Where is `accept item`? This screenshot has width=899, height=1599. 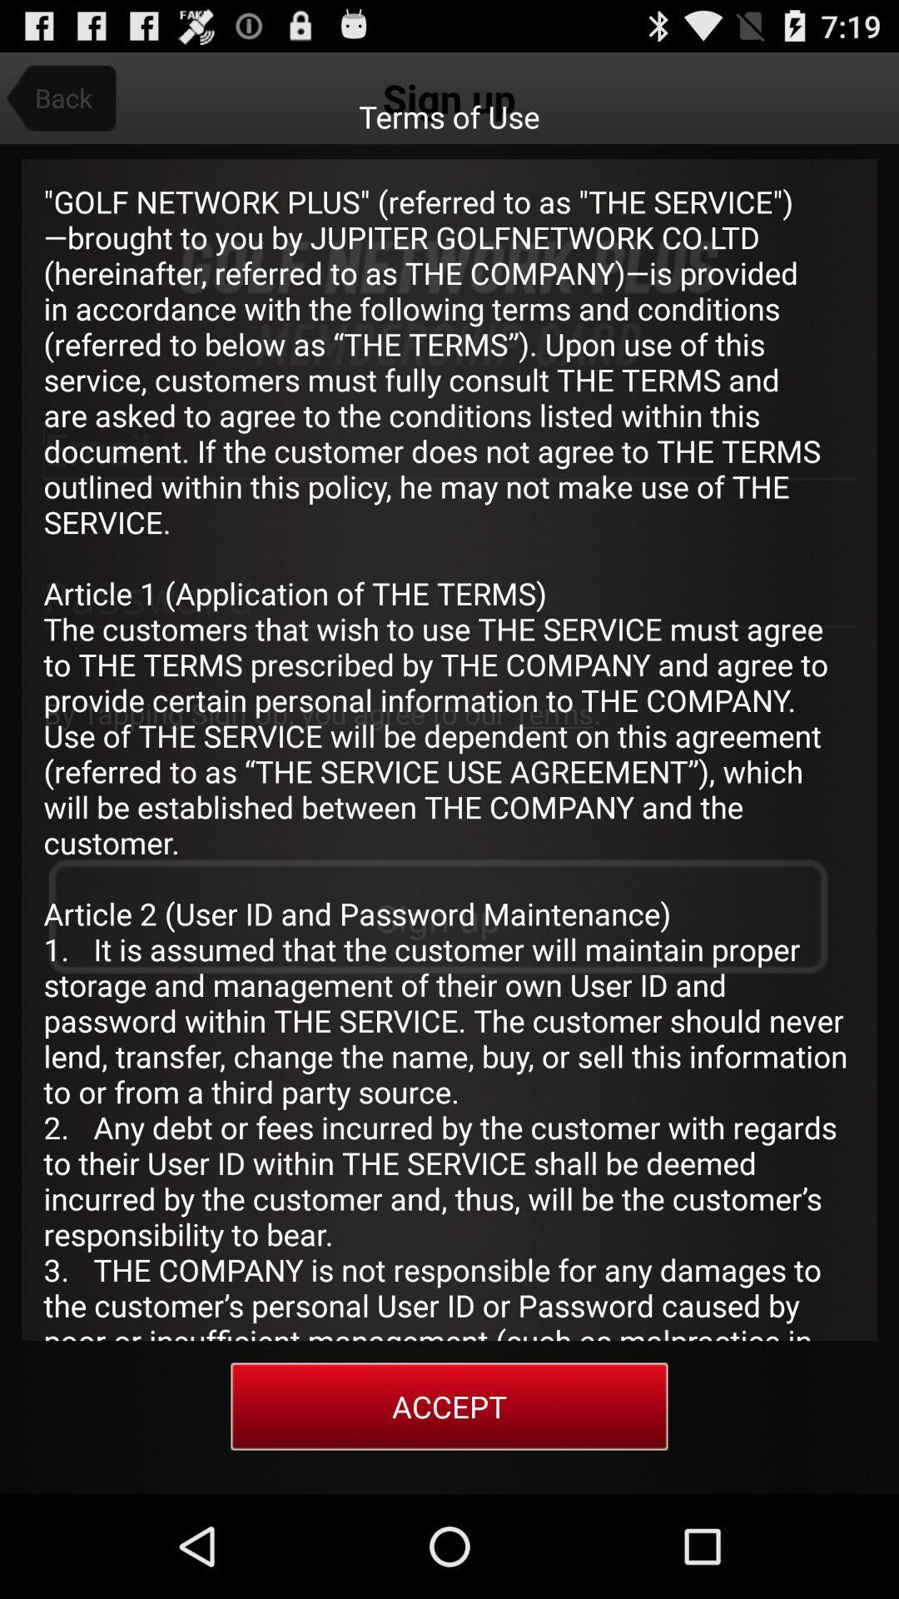 accept item is located at coordinates (449, 1406).